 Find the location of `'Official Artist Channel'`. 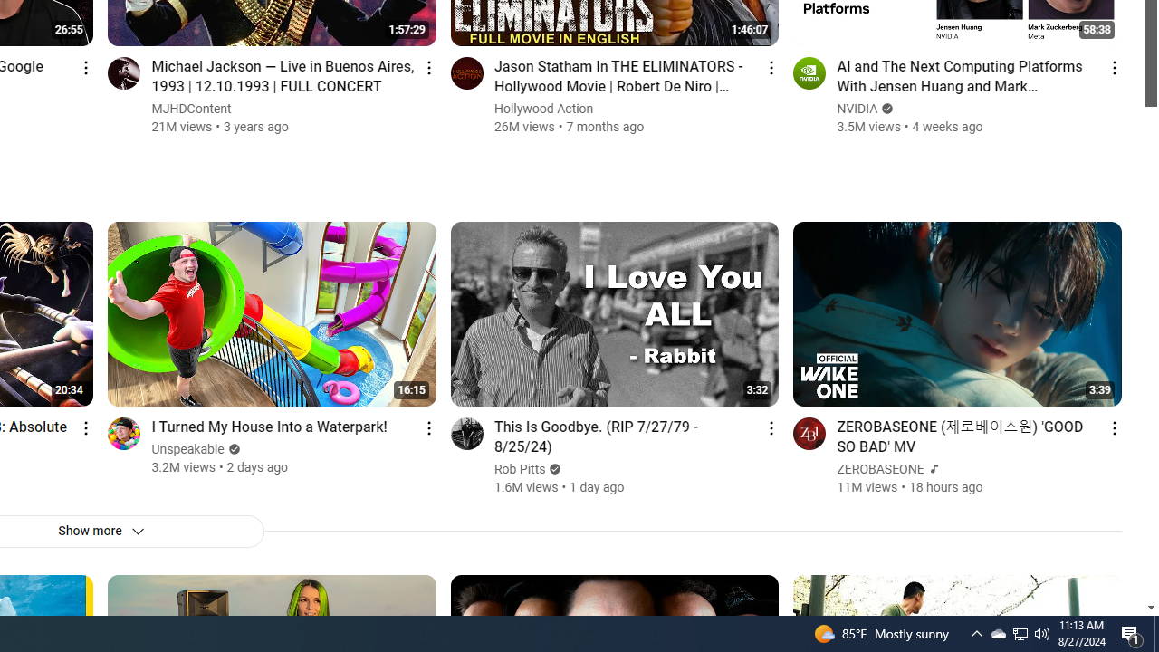

'Official Artist Channel' is located at coordinates (932, 468).